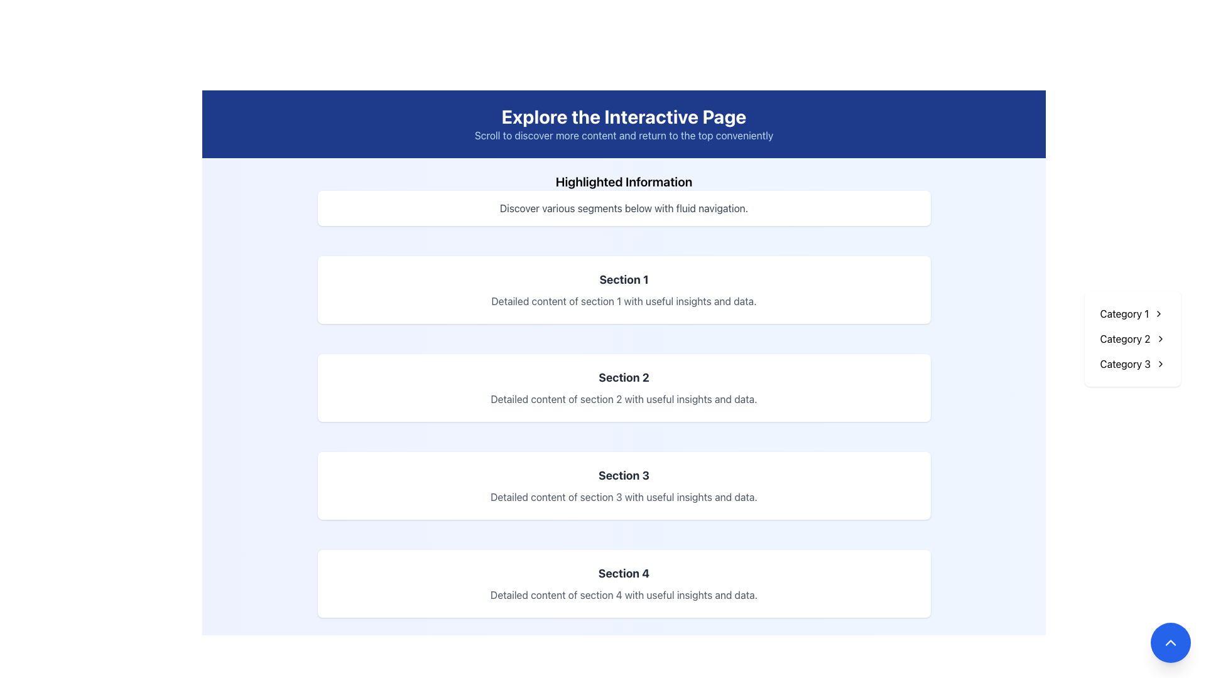 Image resolution: width=1206 pixels, height=678 pixels. I want to click on the Chevron indicator icon next to 'Category 1', so click(1158, 313).